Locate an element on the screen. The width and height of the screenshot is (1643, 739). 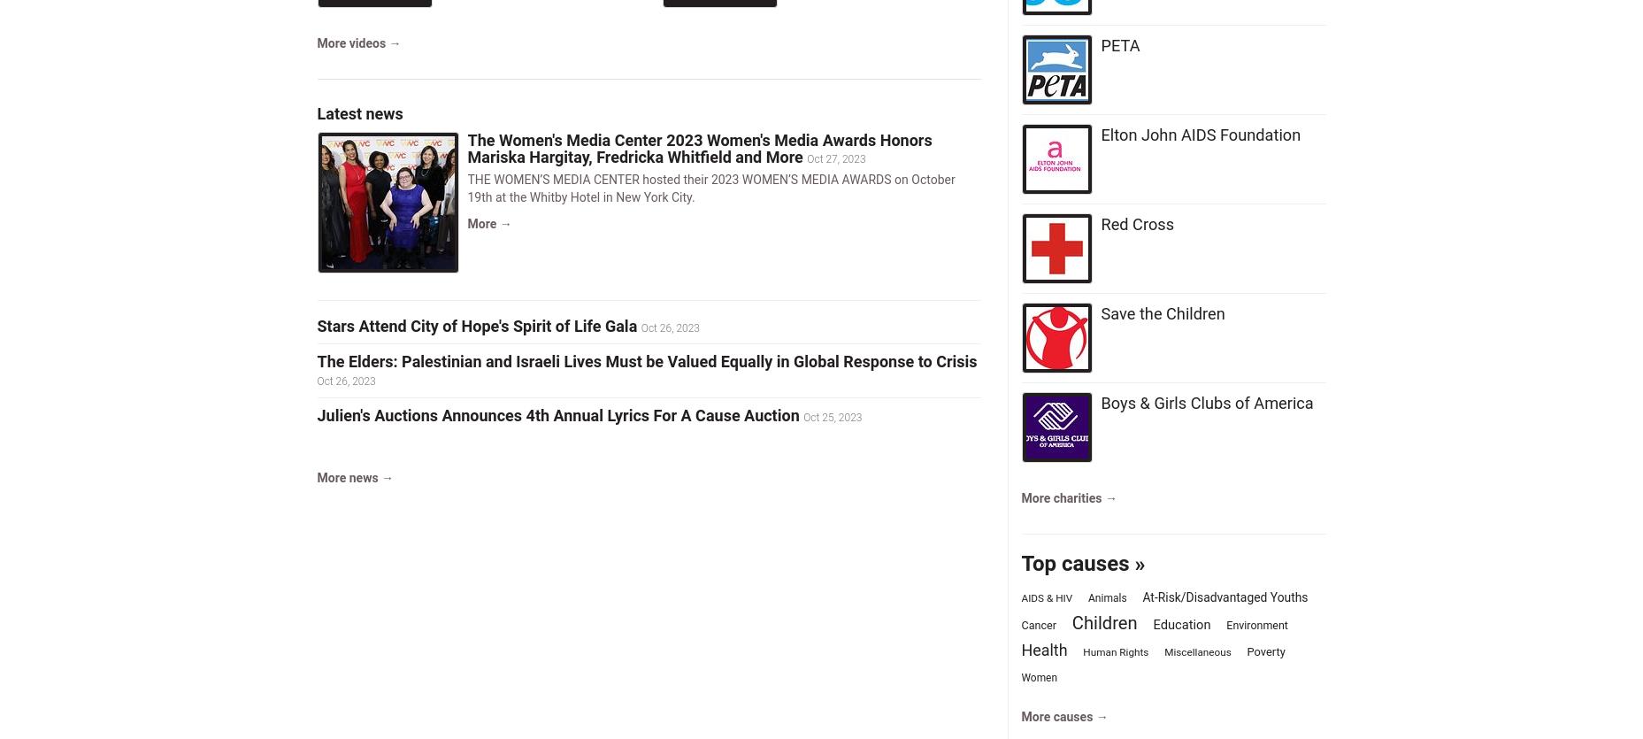
'Julien's Auctions Announces 4th Annual Lyrics For A Cause Auction' is located at coordinates (557, 413).